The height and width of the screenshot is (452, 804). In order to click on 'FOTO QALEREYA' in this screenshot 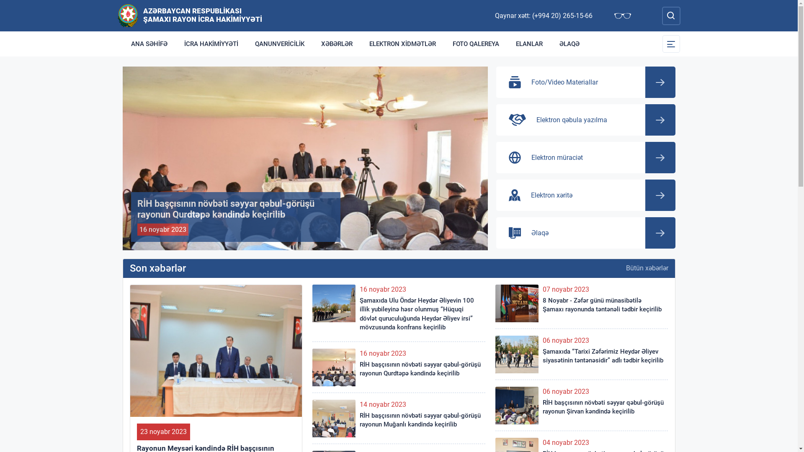, I will do `click(475, 44)`.